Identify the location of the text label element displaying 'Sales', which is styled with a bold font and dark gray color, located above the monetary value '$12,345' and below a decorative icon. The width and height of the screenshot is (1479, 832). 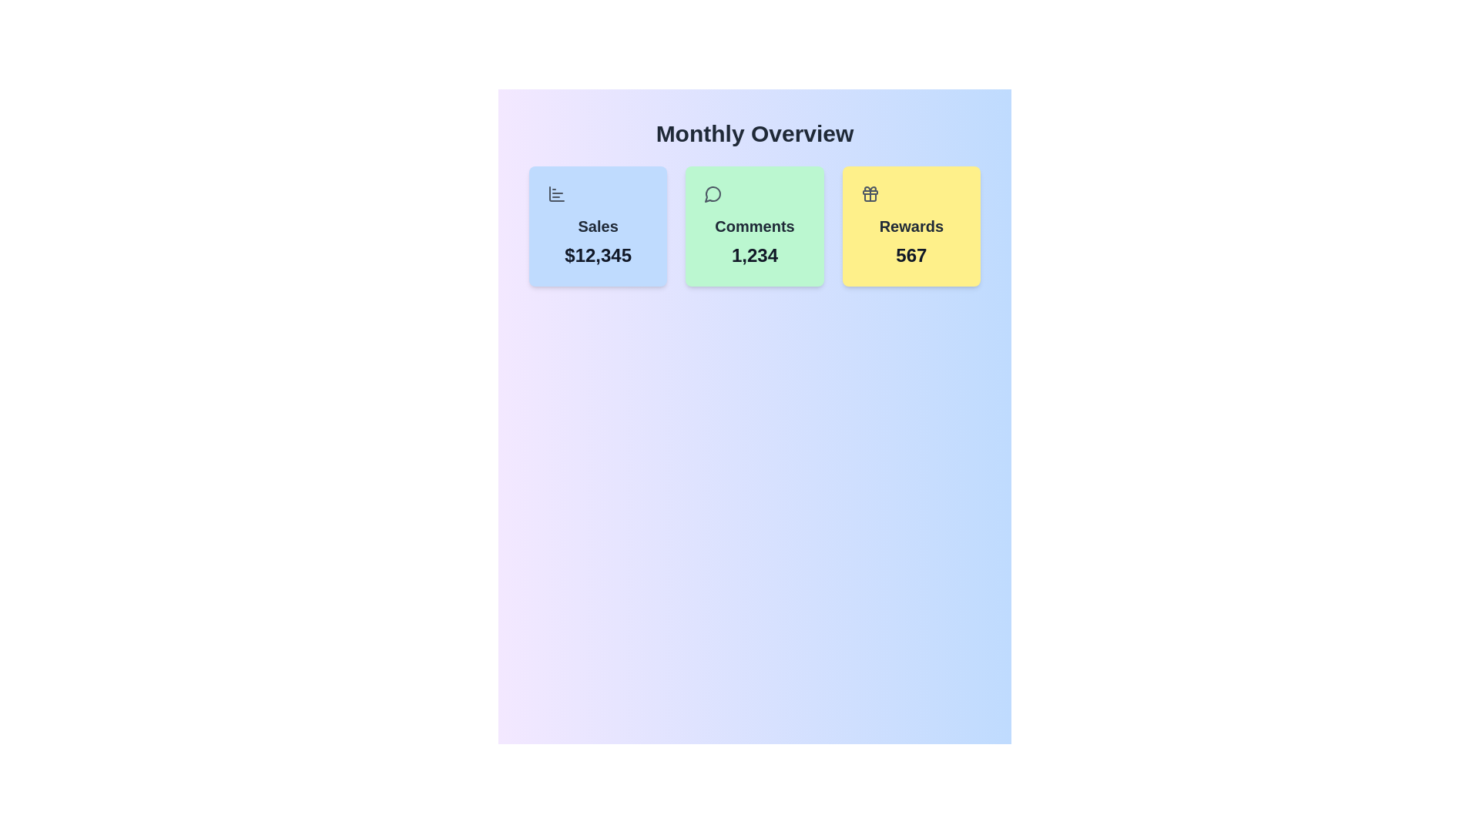
(597, 226).